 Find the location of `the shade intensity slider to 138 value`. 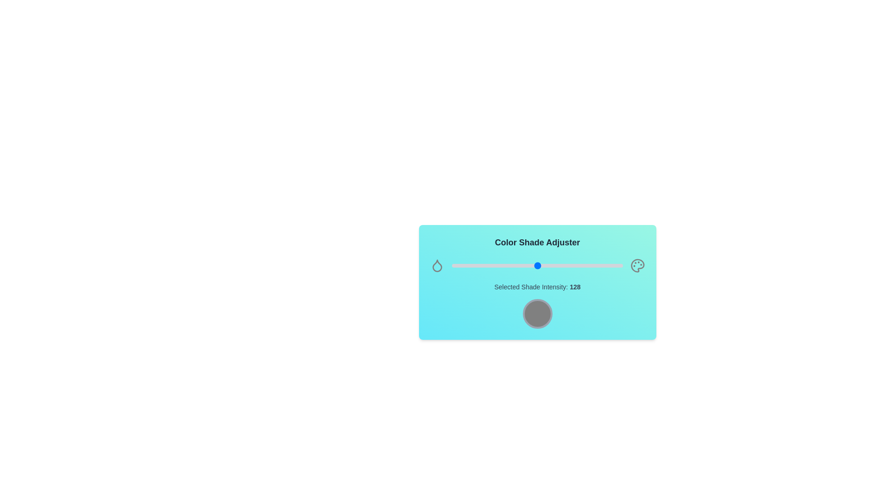

the shade intensity slider to 138 value is located at coordinates (544, 266).